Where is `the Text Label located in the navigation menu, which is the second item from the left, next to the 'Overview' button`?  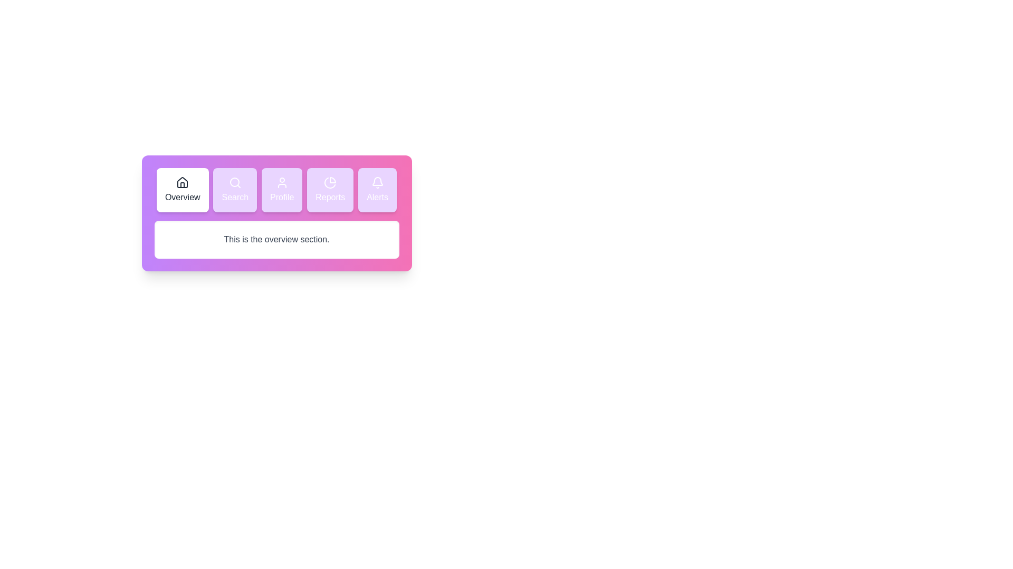 the Text Label located in the navigation menu, which is the second item from the left, next to the 'Overview' button is located at coordinates (234, 197).